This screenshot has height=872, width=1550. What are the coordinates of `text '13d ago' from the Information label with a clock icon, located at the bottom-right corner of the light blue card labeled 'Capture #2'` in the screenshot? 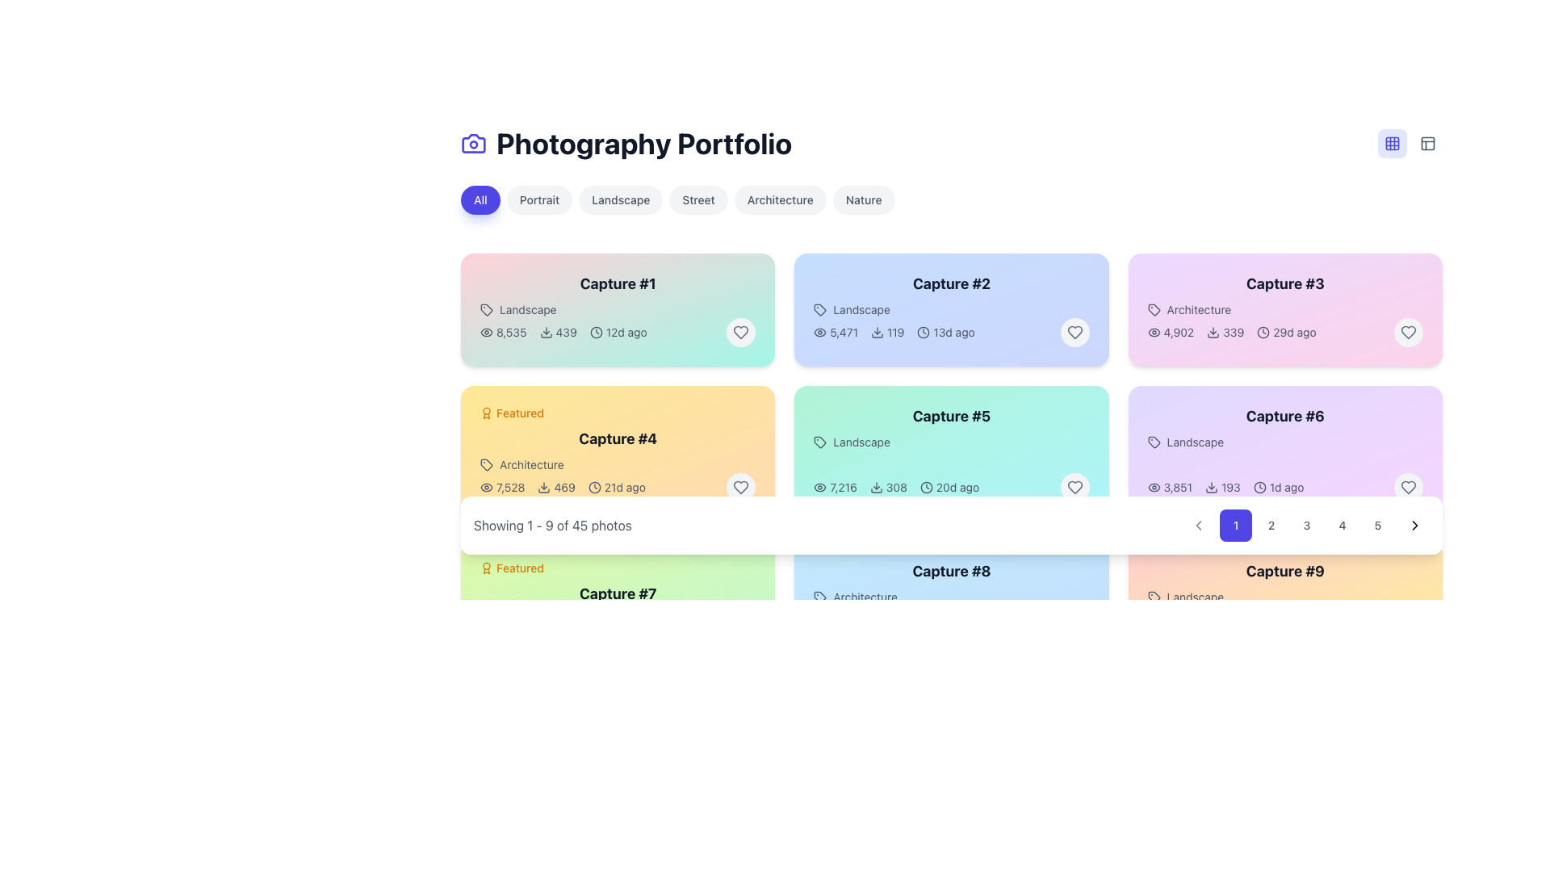 It's located at (946, 332).